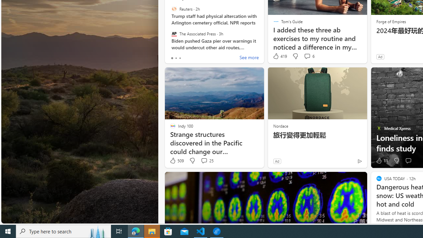 The height and width of the screenshot is (238, 423). Describe the element at coordinates (176, 161) in the screenshot. I see `'509 Like'` at that location.